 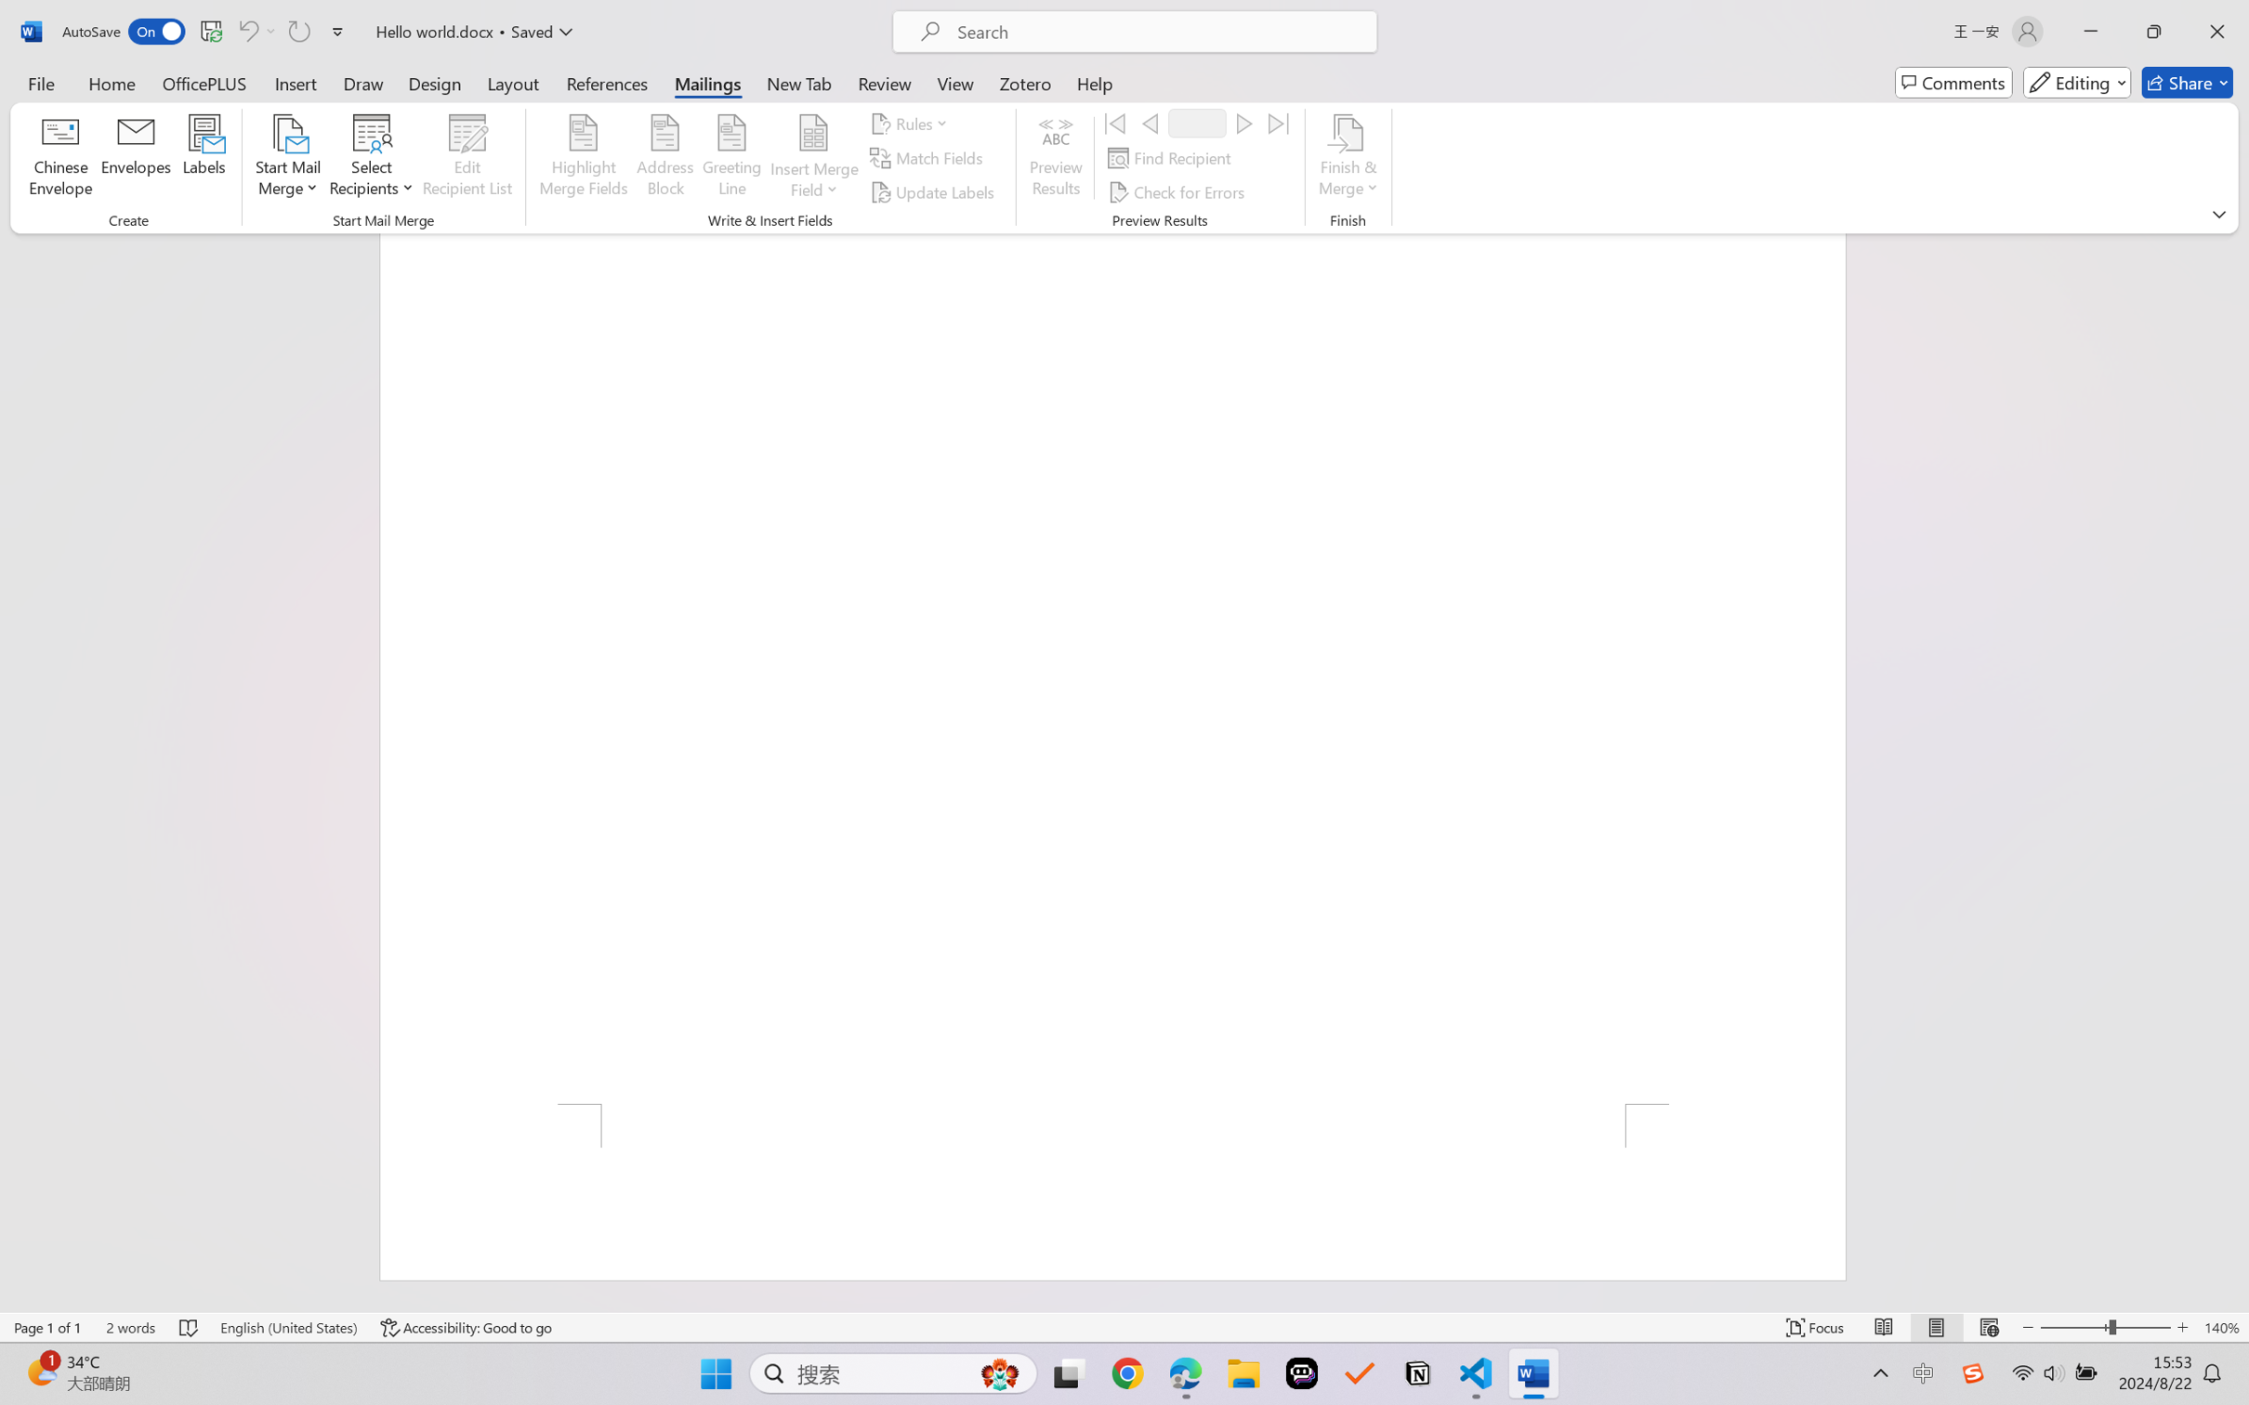 I want to click on 'New Tab', so click(x=798, y=82).